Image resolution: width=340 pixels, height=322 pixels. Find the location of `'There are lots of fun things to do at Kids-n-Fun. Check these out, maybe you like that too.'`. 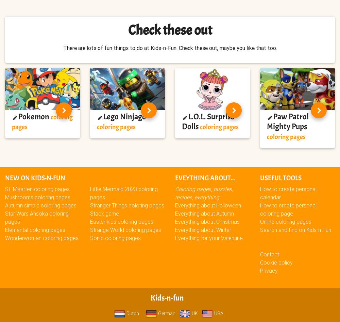

'There are lots of fun things to do at Kids-n-Fun. Check these out, maybe you like that too.' is located at coordinates (169, 47).